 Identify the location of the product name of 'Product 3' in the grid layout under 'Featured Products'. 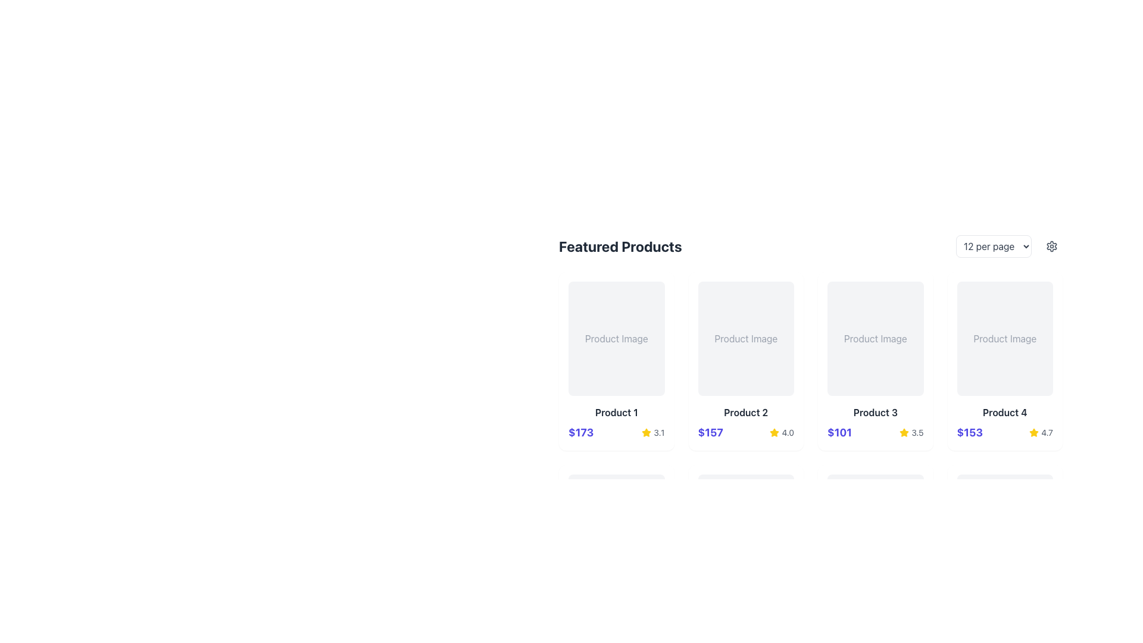
(810, 340).